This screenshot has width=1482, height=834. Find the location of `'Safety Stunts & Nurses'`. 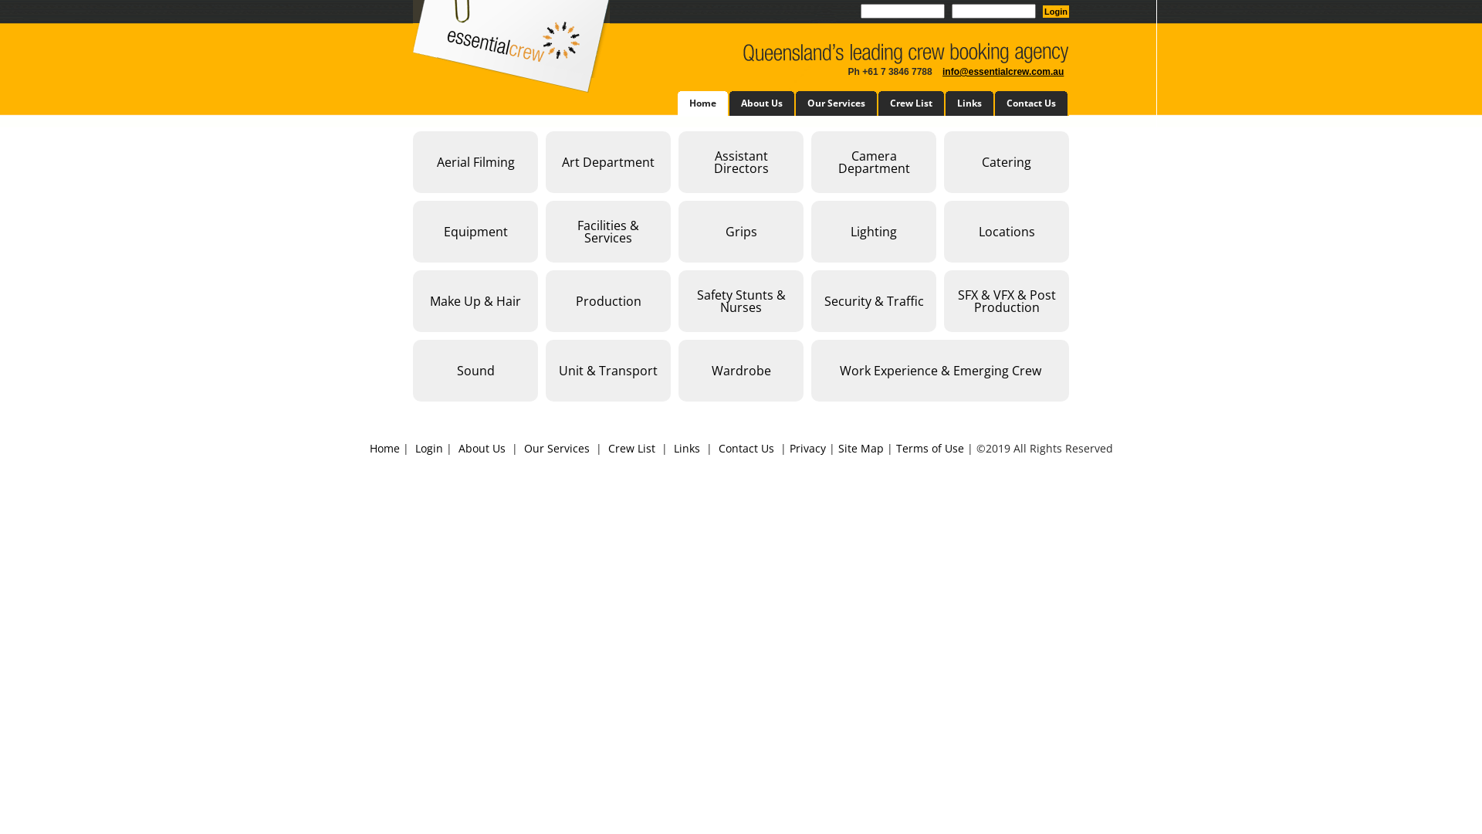

'Safety Stunts & Nurses' is located at coordinates (741, 300).